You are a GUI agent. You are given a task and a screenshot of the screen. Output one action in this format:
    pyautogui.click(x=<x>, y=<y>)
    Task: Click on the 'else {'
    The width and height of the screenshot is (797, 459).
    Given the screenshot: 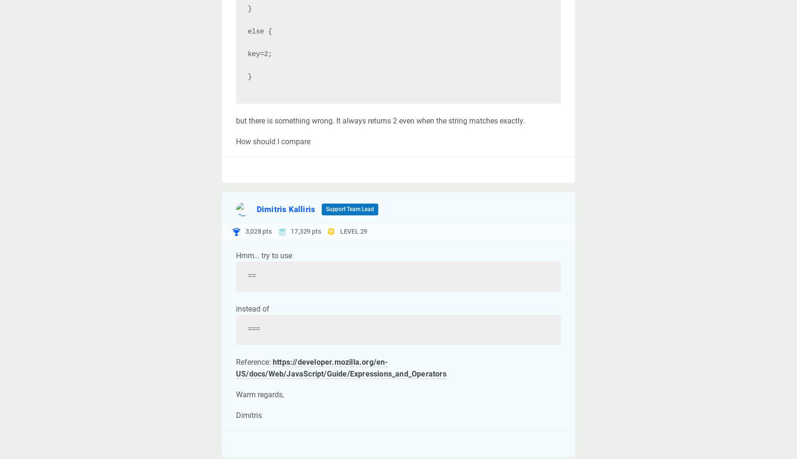 What is the action you would take?
    pyautogui.click(x=248, y=31)
    